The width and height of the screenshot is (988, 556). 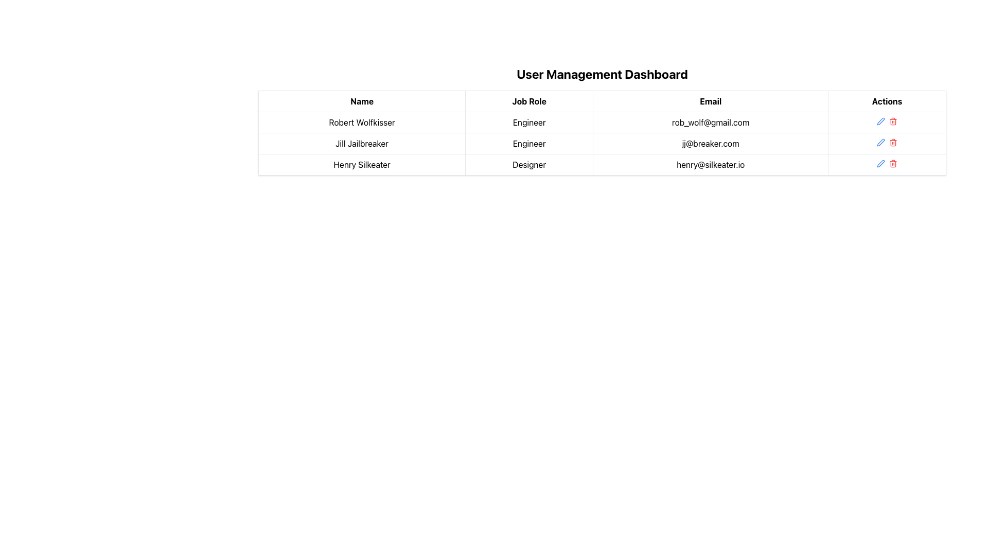 What do you see at coordinates (602, 122) in the screenshot?
I see `the first row of the user information table` at bounding box center [602, 122].